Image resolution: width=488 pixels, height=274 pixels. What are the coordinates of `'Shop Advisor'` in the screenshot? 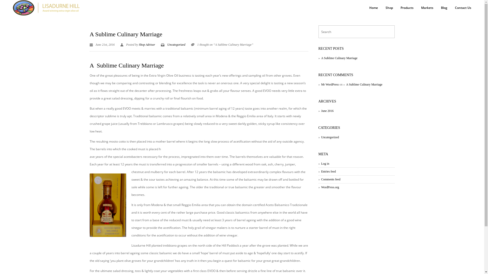 It's located at (146, 44).